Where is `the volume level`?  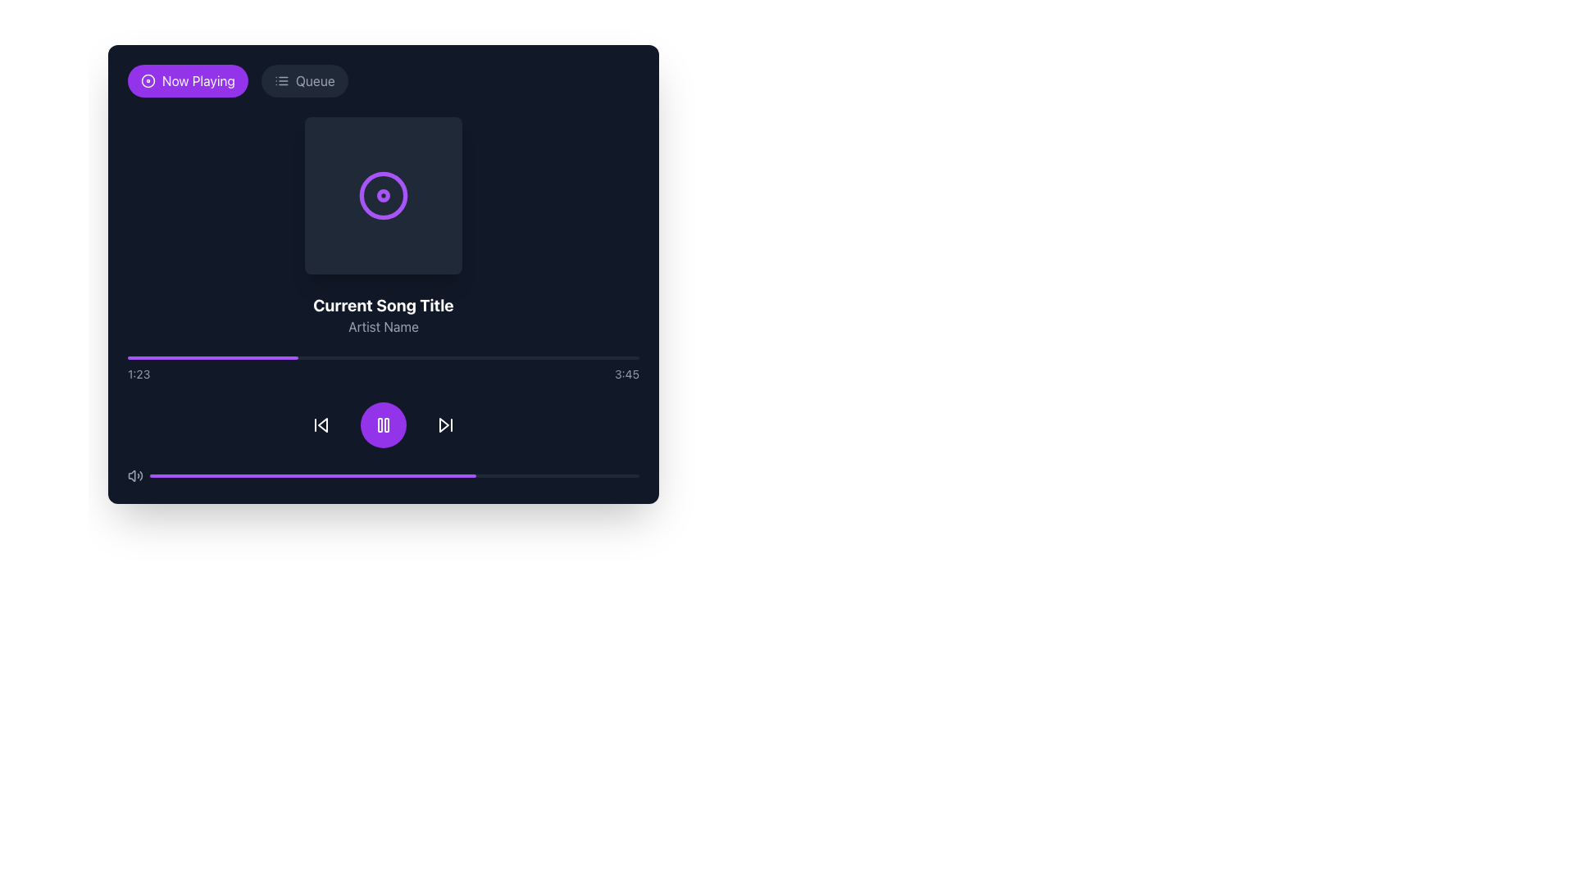
the volume level is located at coordinates (202, 476).